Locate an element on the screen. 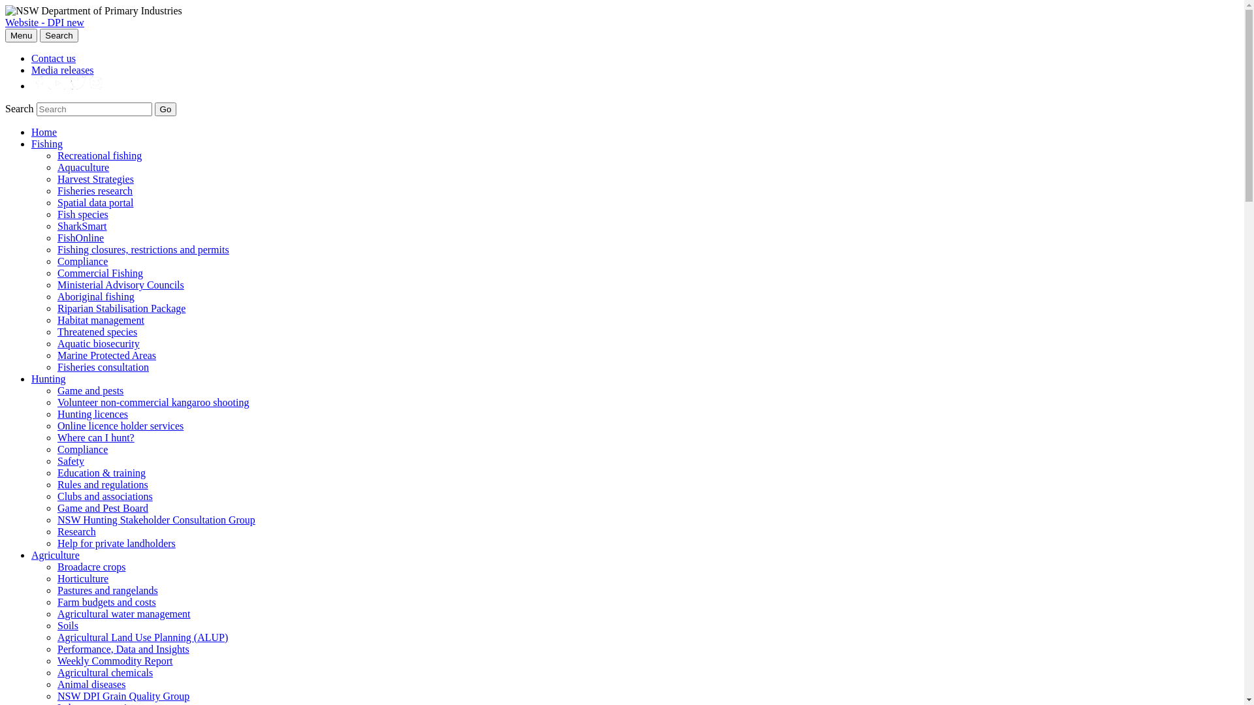 The height and width of the screenshot is (705, 1254). 'Marine Protected Areas' is located at coordinates (106, 355).